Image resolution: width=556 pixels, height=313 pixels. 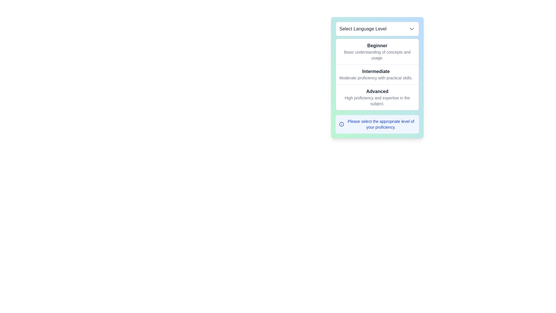 I want to click on the 'Select Language Level' dropdown menu option, so click(x=377, y=77).